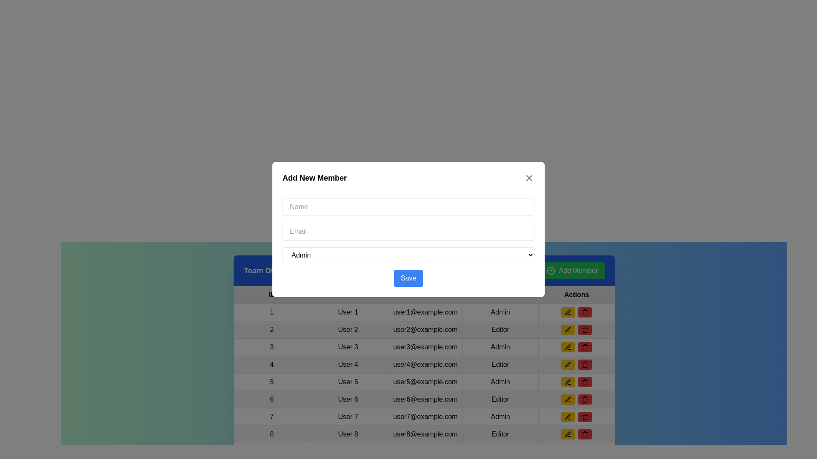  I want to click on the trash icon button located at the far right of the row in the Actions column, so click(584, 417).